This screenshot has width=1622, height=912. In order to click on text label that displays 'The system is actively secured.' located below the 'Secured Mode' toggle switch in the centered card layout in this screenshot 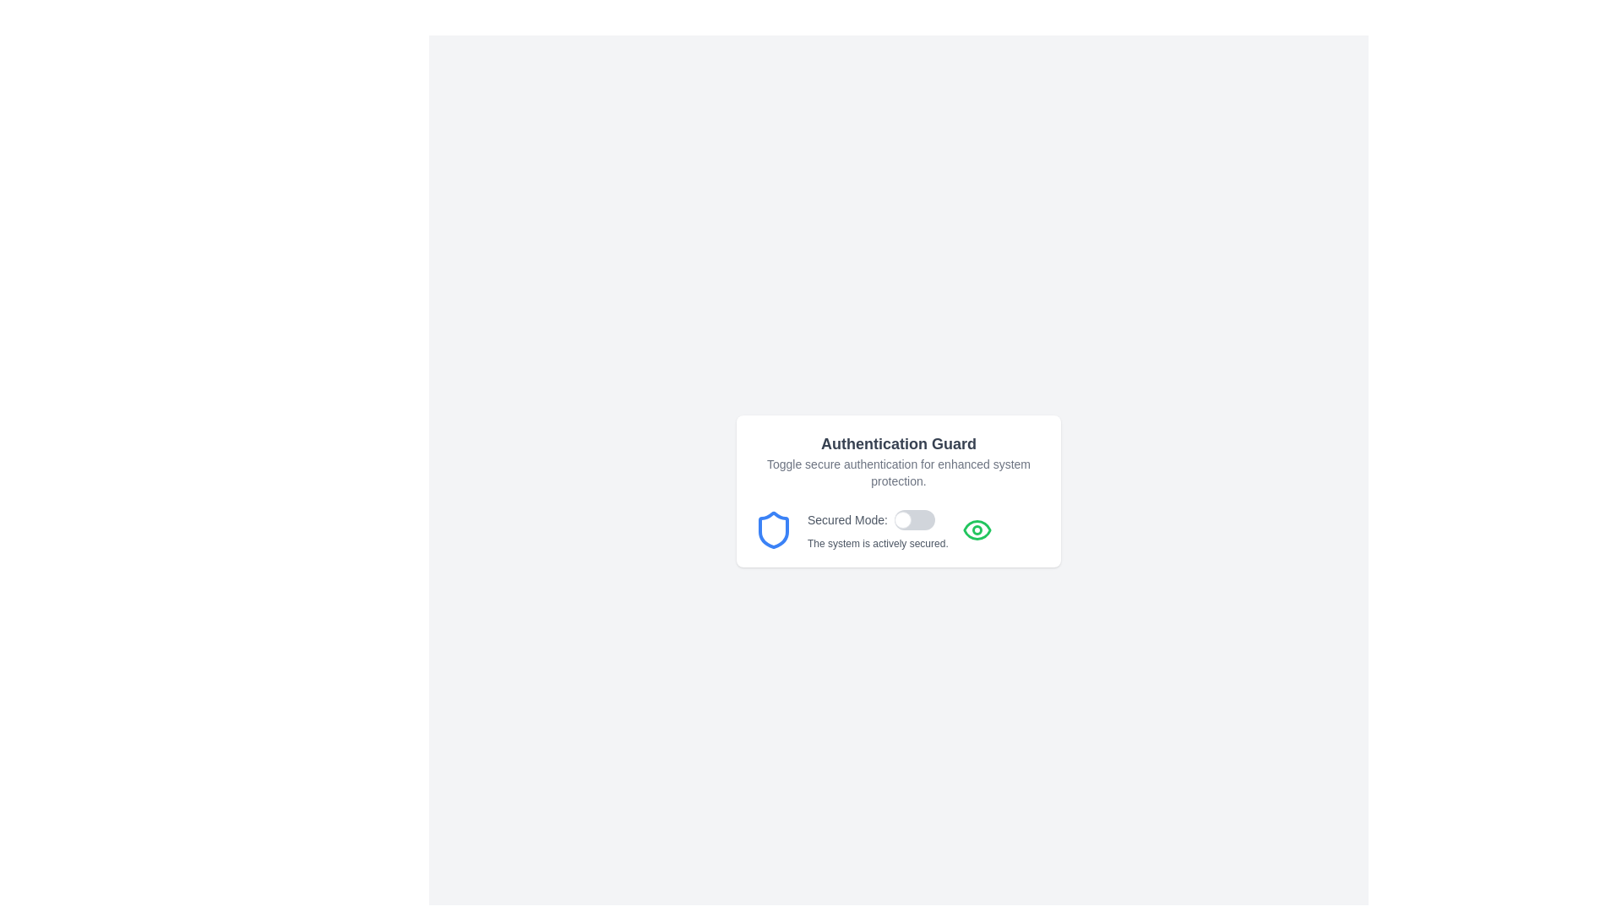, I will do `click(878, 544)`.